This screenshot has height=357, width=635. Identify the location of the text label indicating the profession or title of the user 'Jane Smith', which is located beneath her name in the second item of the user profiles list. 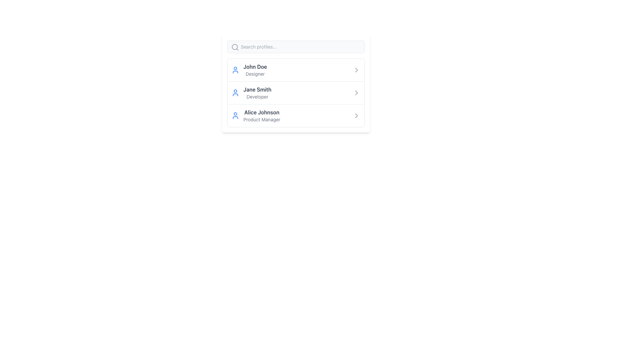
(257, 97).